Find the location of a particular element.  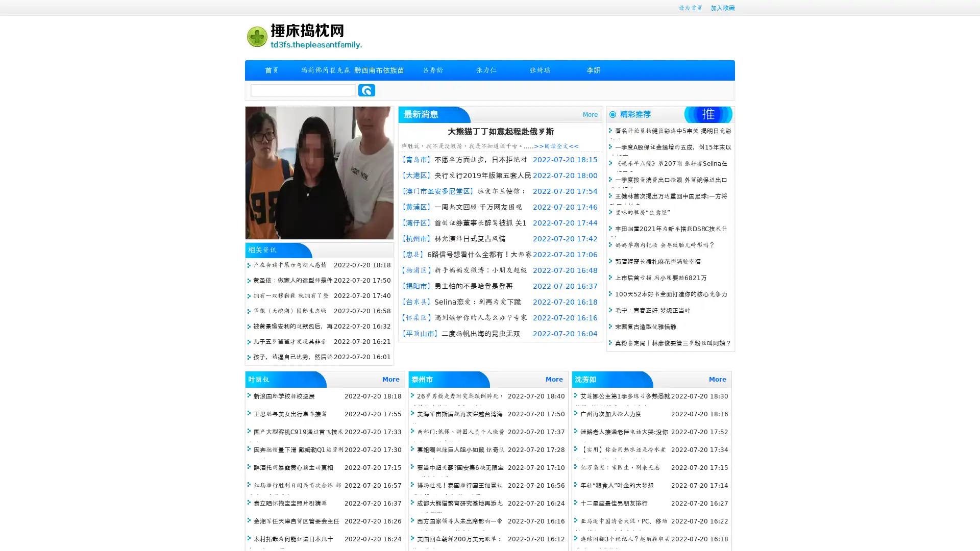

Search is located at coordinates (366, 90).